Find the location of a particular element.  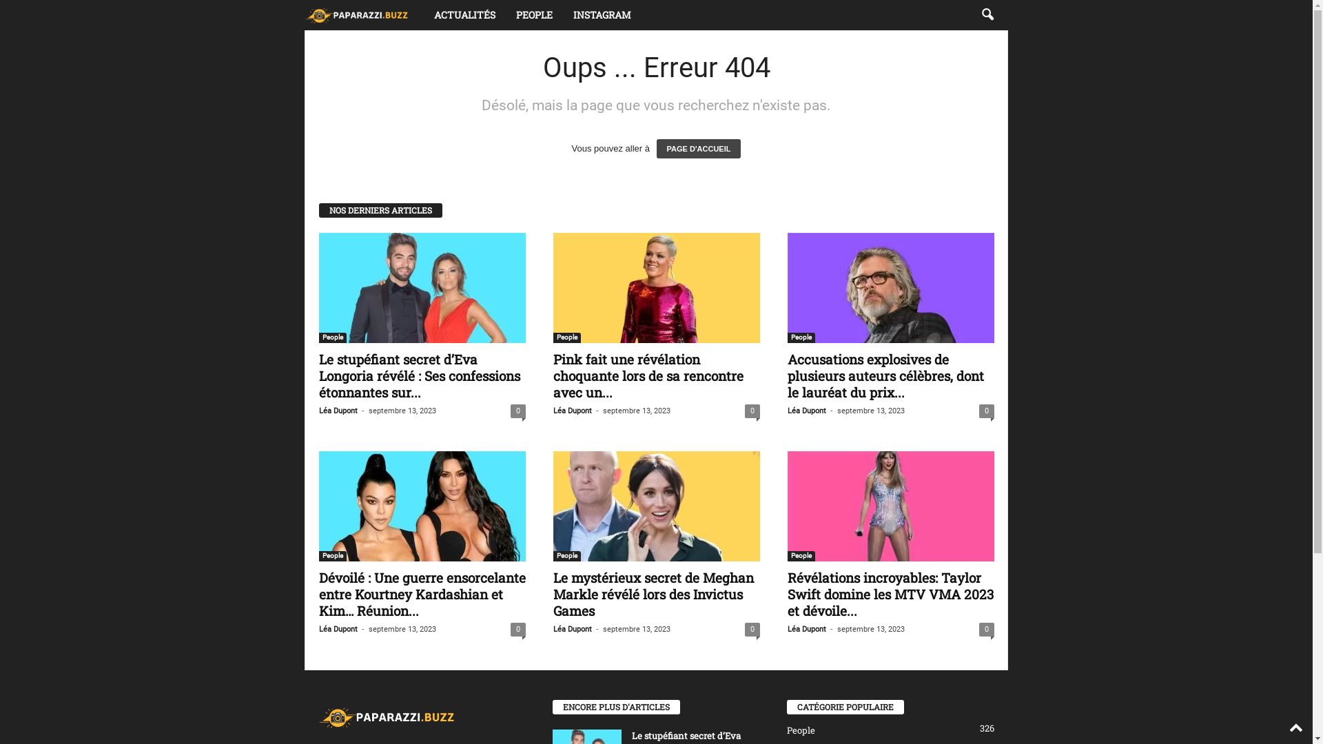

'Paparazzi' is located at coordinates (357, 15).